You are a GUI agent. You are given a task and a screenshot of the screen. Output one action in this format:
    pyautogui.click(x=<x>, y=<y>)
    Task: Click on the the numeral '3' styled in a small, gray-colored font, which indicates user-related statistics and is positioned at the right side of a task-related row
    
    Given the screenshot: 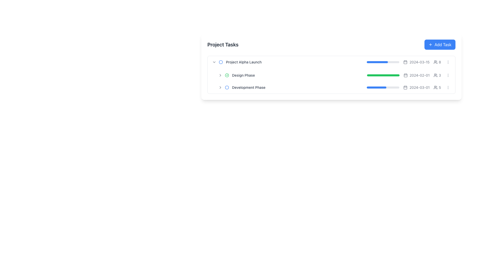 What is the action you would take?
    pyautogui.click(x=439, y=75)
    